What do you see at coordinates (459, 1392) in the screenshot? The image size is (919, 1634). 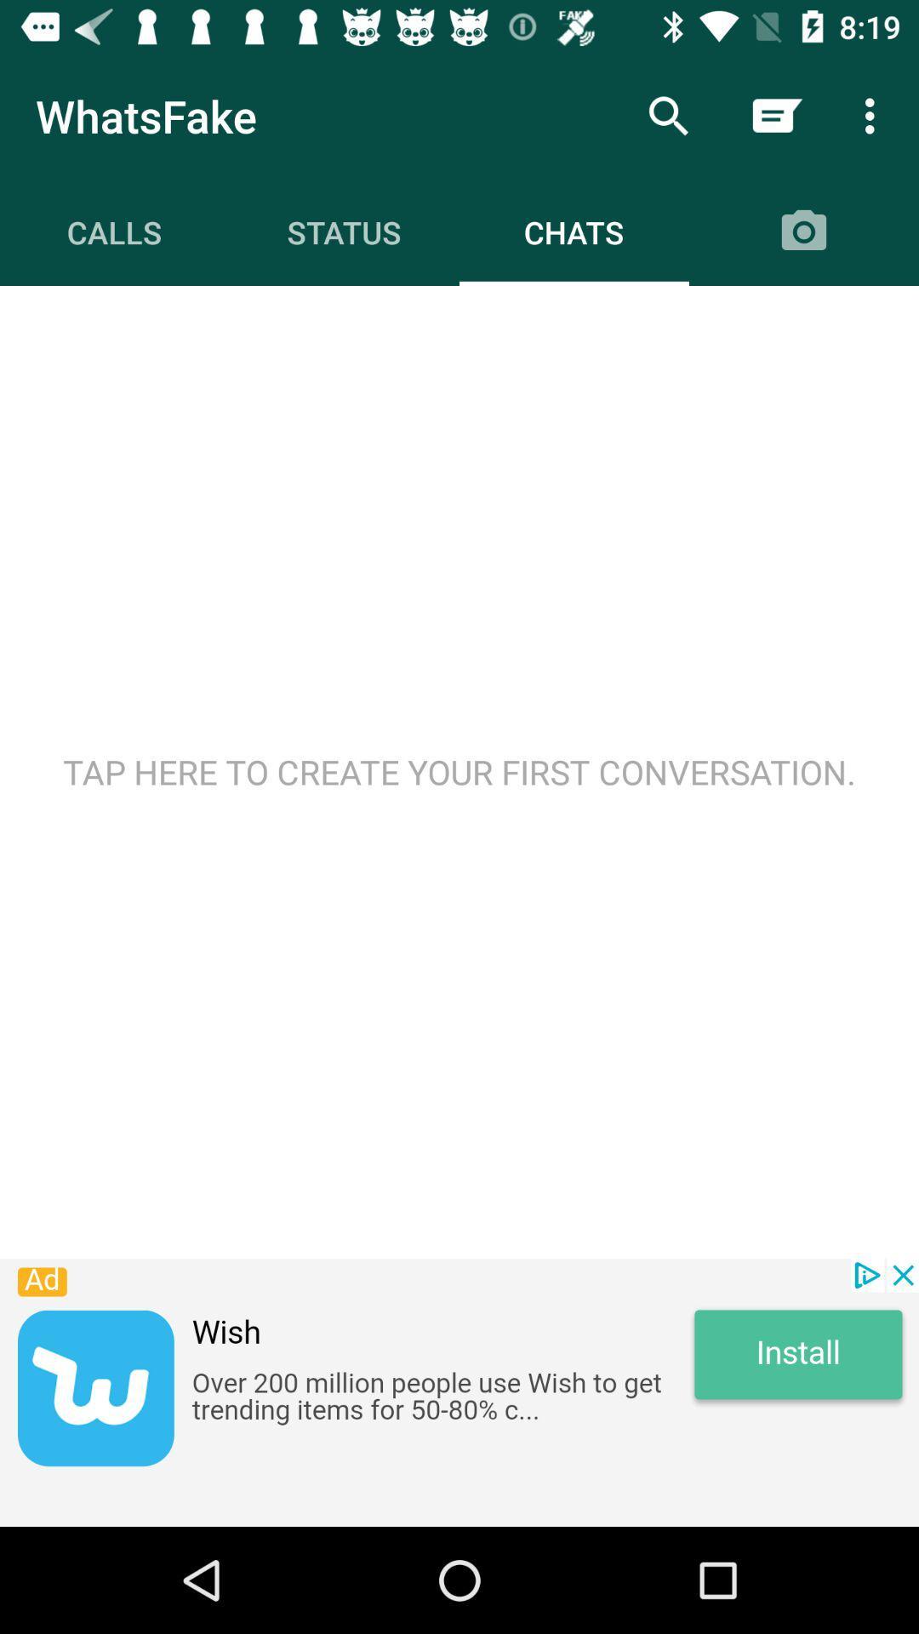 I see `banner of advertiser` at bounding box center [459, 1392].